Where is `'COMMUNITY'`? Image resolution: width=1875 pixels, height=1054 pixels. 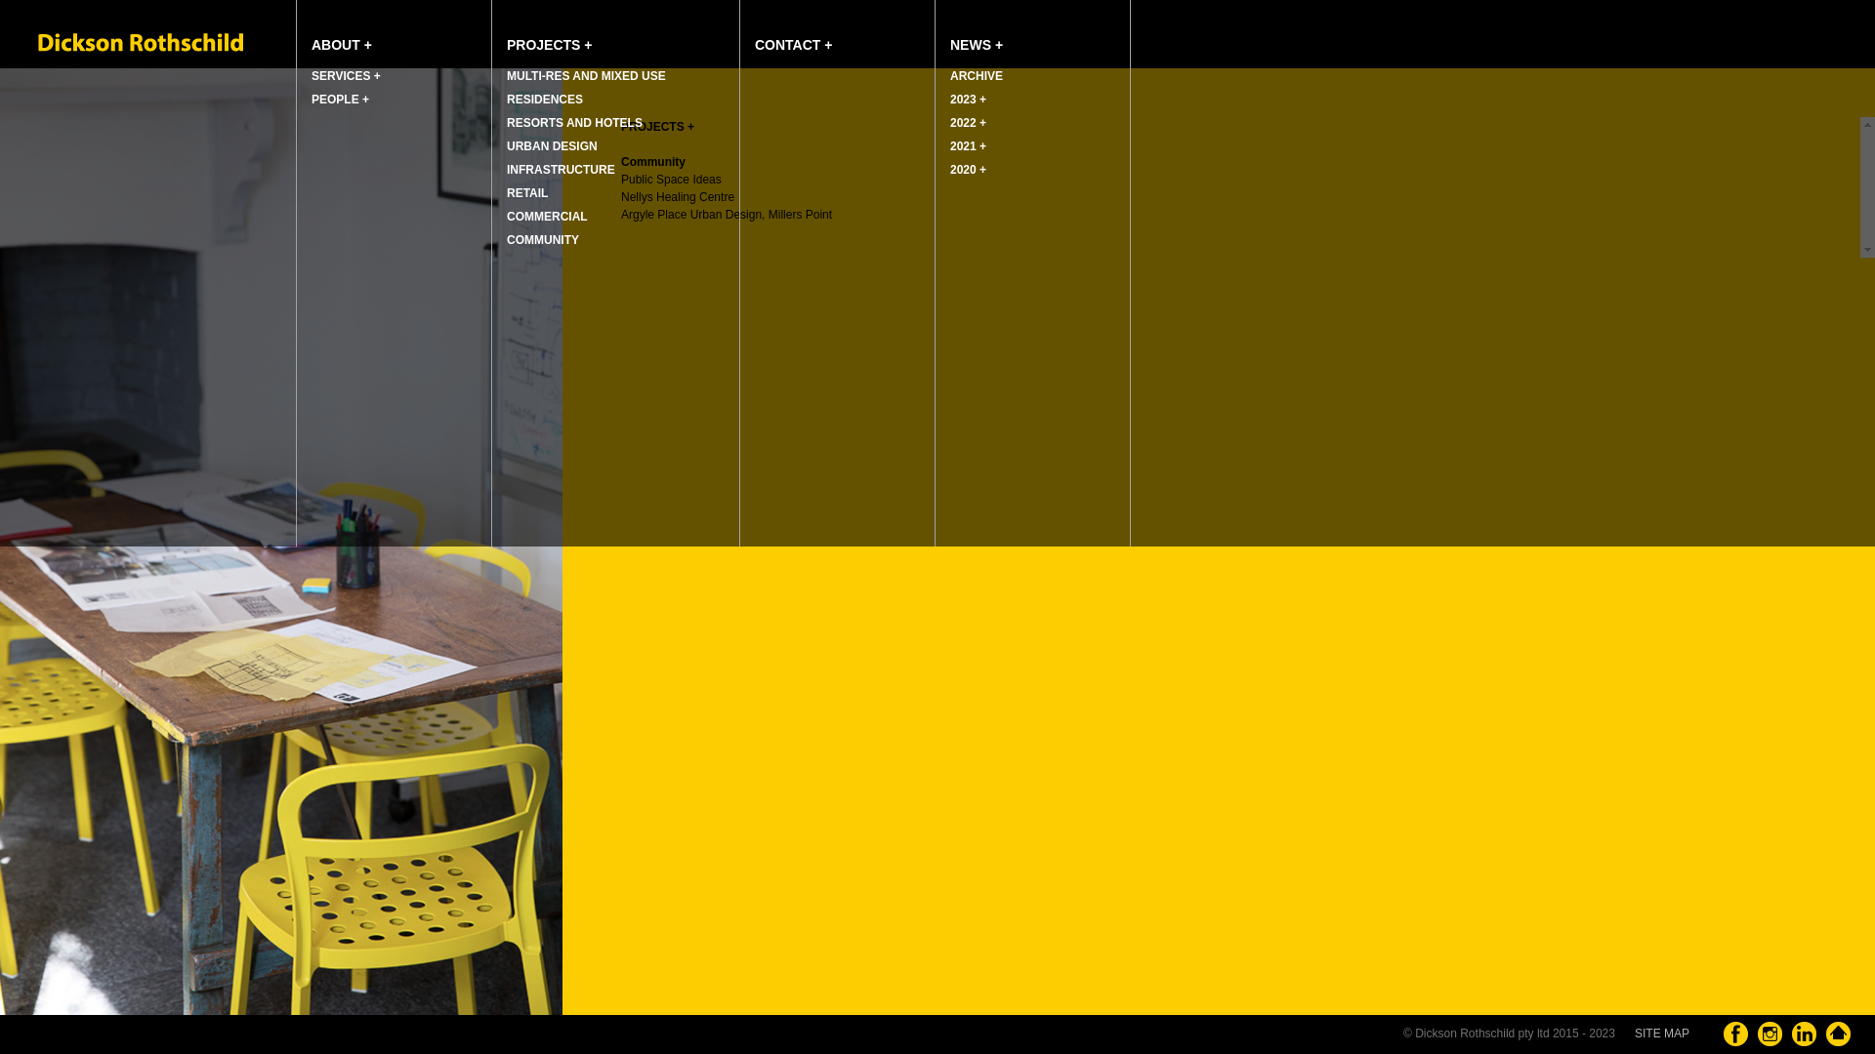
'COMMUNITY' is located at coordinates (614, 239).